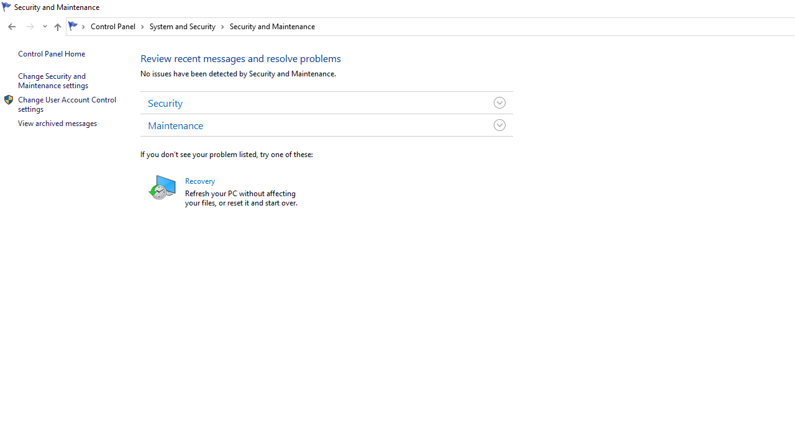 The height and width of the screenshot is (447, 795). What do you see at coordinates (117, 26) in the screenshot?
I see `'Control Panel'` at bounding box center [117, 26].